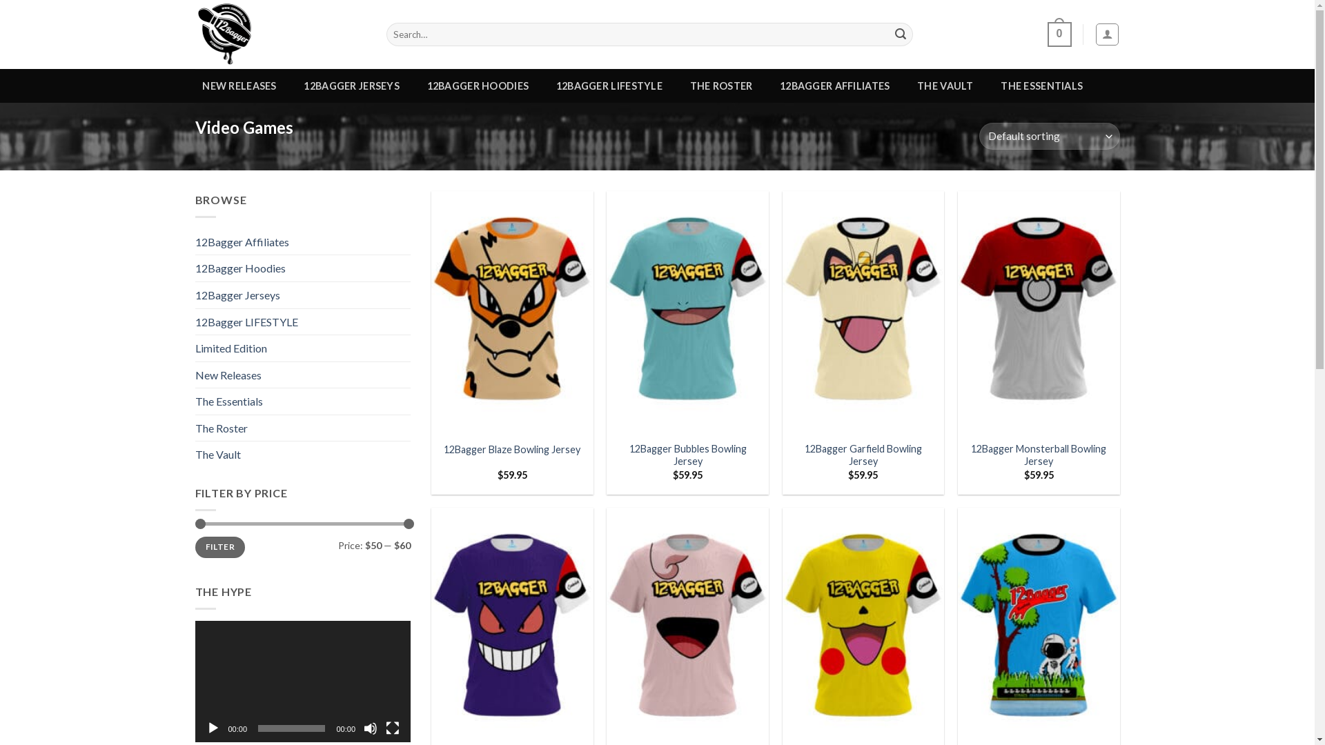 The height and width of the screenshot is (745, 1325). Describe the element at coordinates (194, 455) in the screenshot. I see `'The Vault'` at that location.